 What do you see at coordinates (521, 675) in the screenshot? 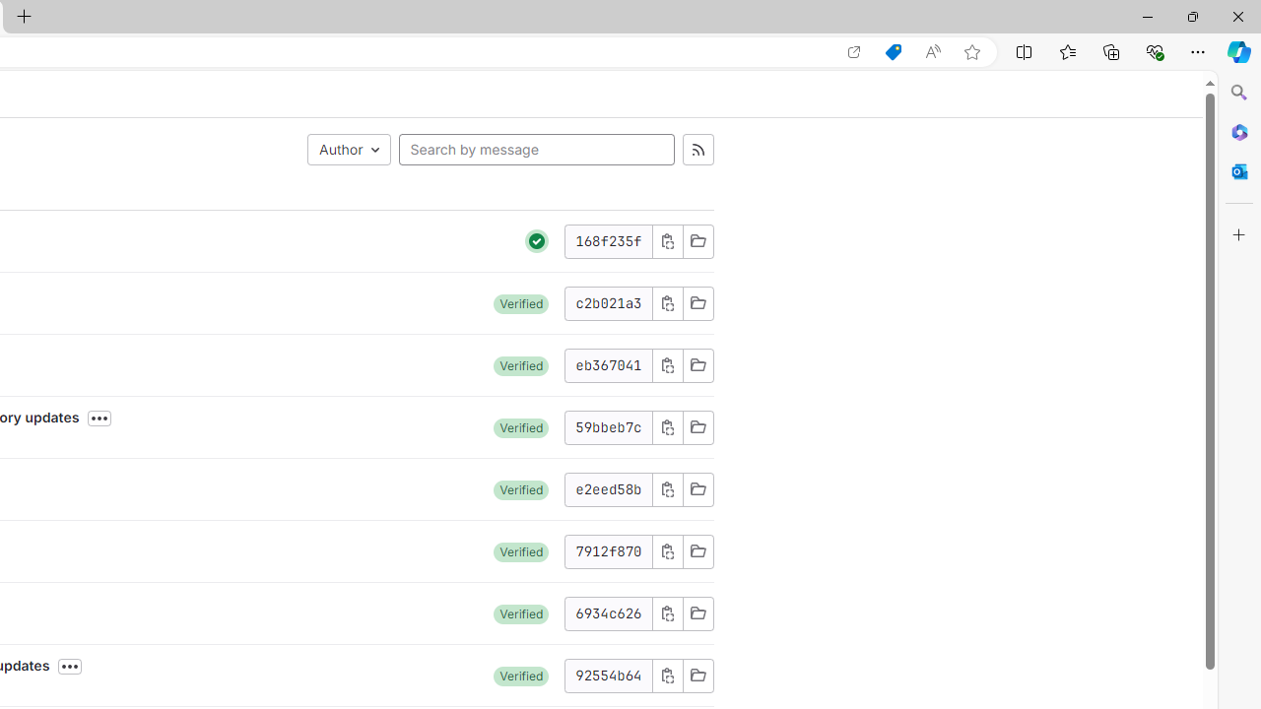
I see `'Verified'` at bounding box center [521, 675].